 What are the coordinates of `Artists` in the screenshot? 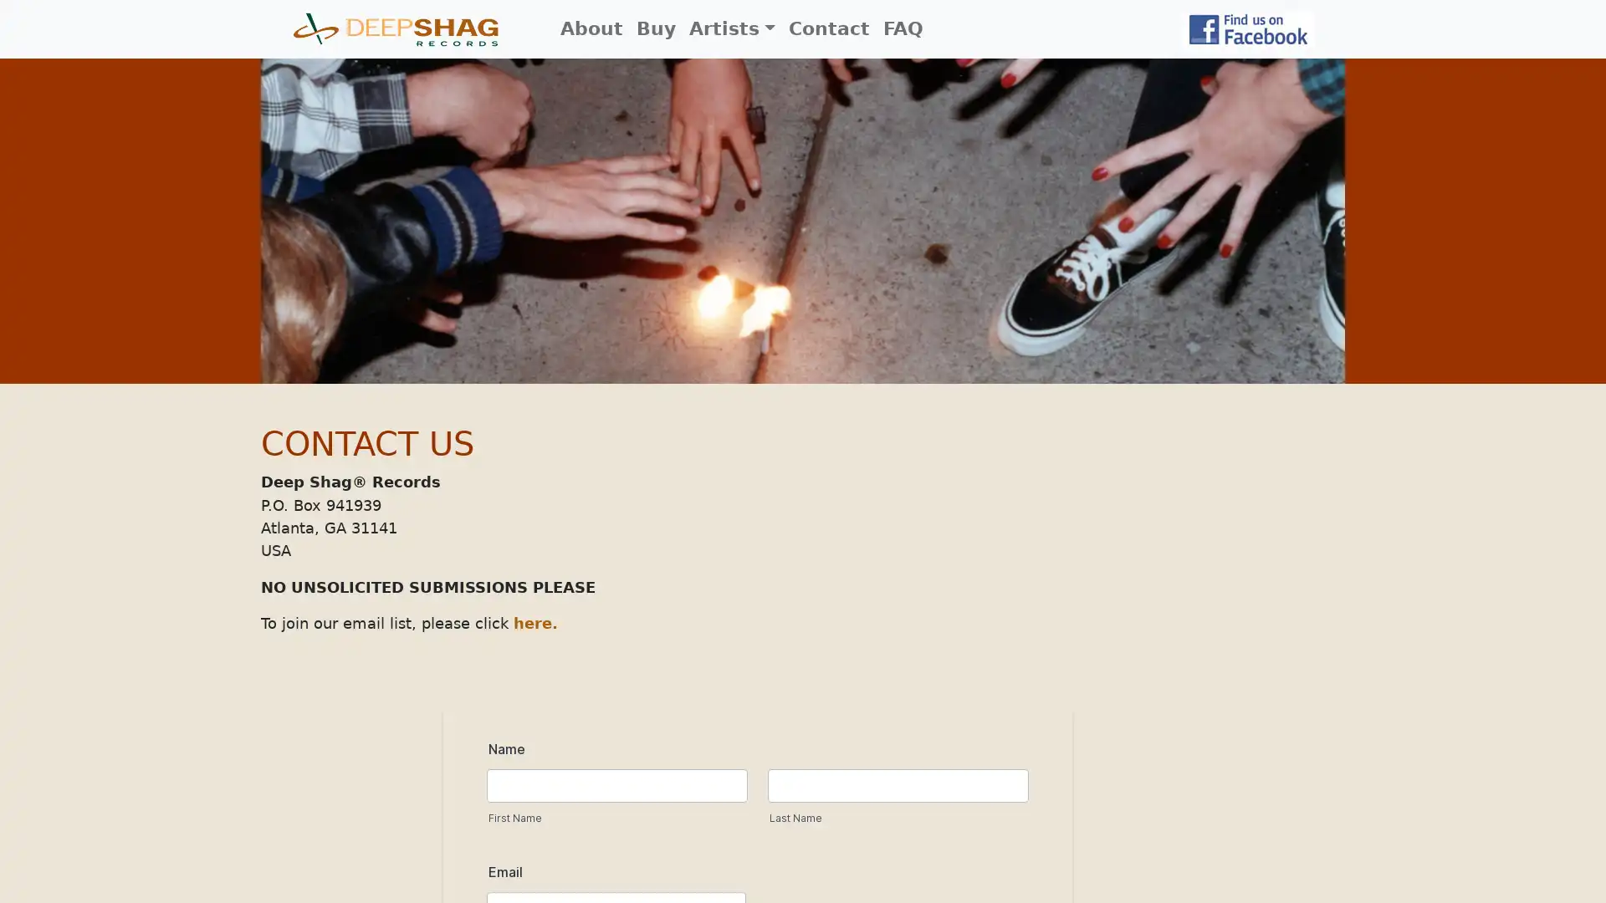 It's located at (731, 28).